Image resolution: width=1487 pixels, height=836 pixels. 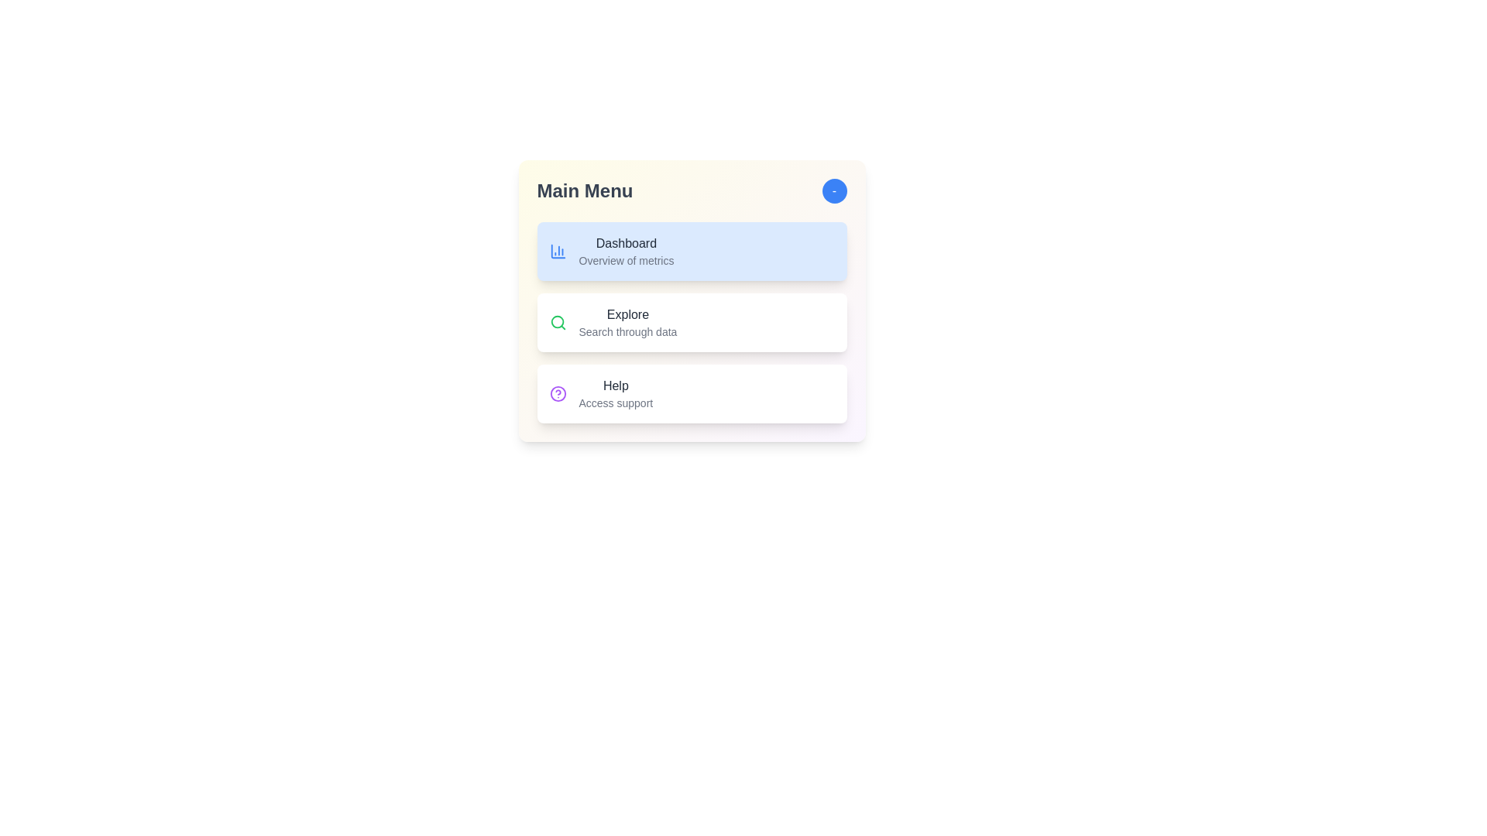 What do you see at coordinates (558, 250) in the screenshot?
I see `the icon for Dashboard in the menu` at bounding box center [558, 250].